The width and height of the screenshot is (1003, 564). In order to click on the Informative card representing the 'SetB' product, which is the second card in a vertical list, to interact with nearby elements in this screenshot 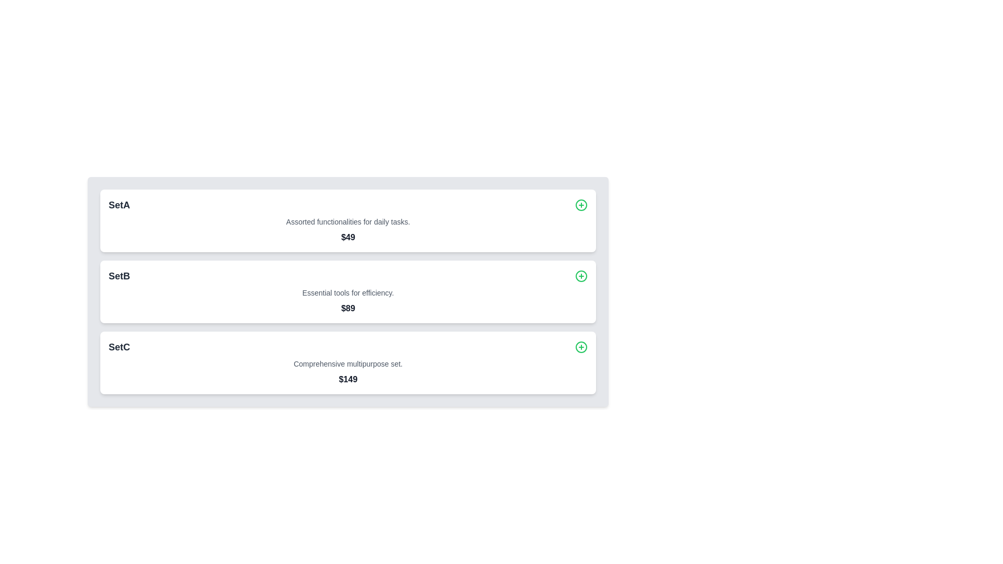, I will do `click(348, 292)`.